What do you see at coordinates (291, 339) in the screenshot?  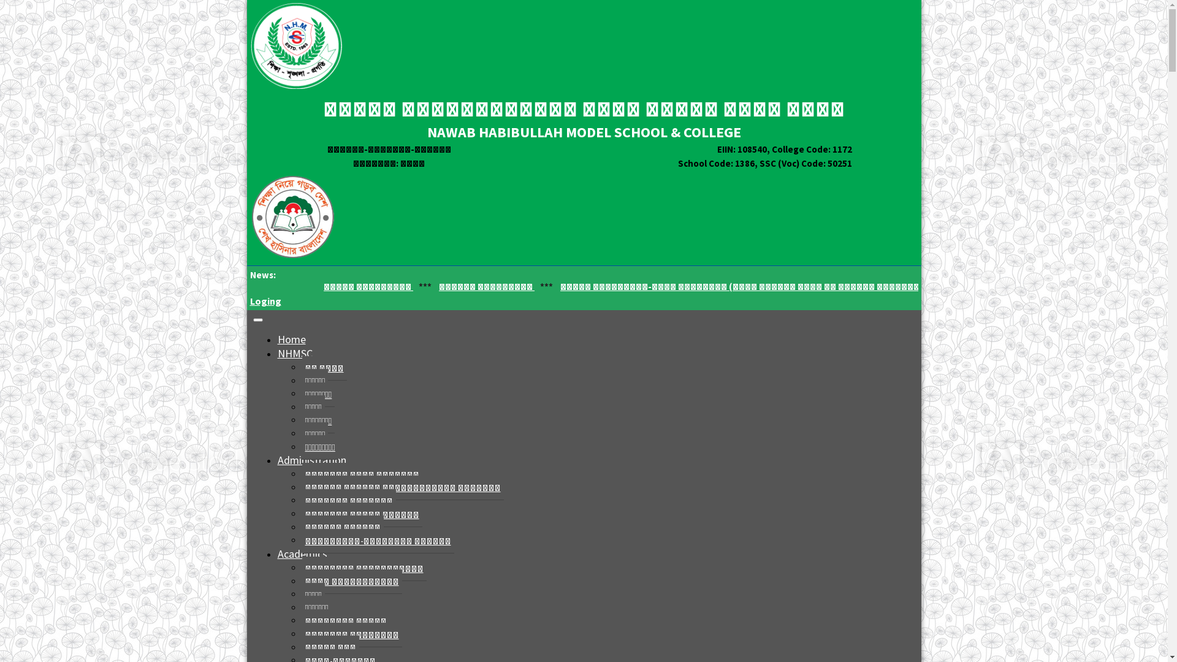 I see `'Home'` at bounding box center [291, 339].